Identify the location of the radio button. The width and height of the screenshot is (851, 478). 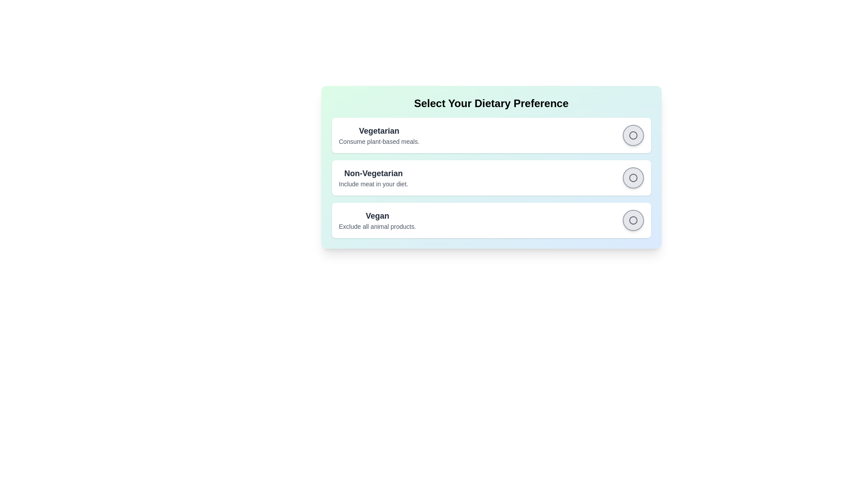
(632, 177).